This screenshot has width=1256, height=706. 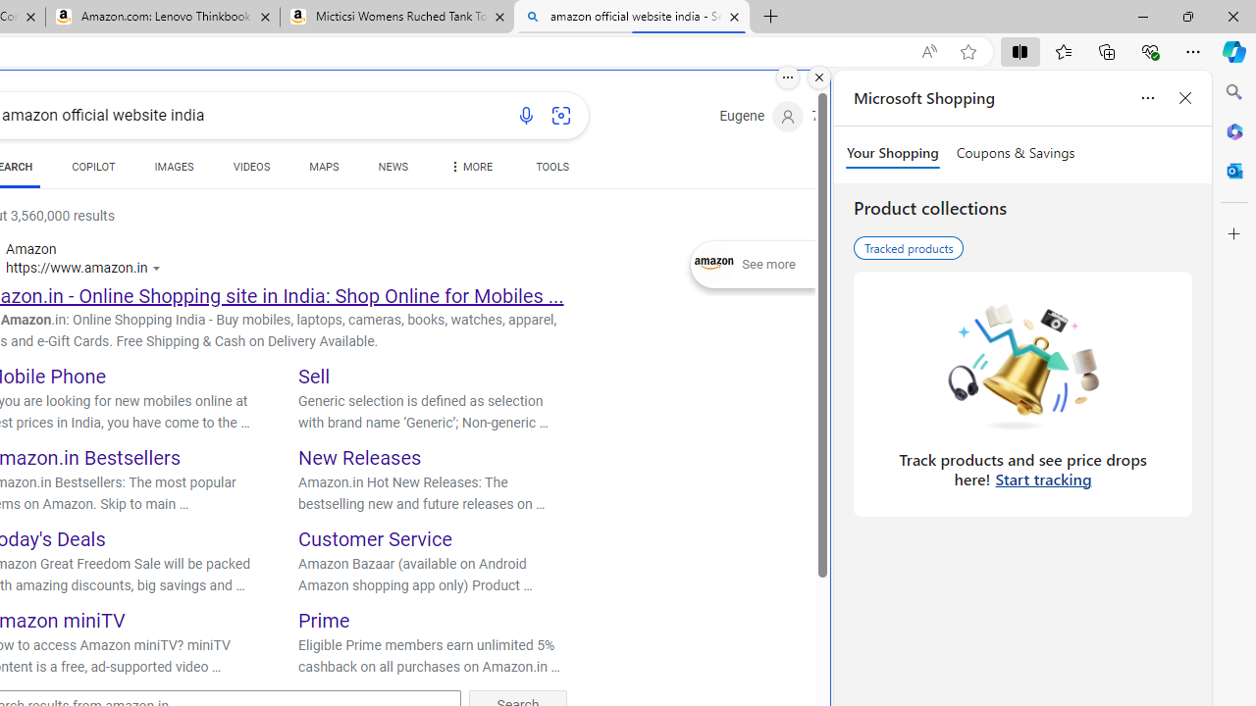 I want to click on 'Prime', so click(x=324, y=620).